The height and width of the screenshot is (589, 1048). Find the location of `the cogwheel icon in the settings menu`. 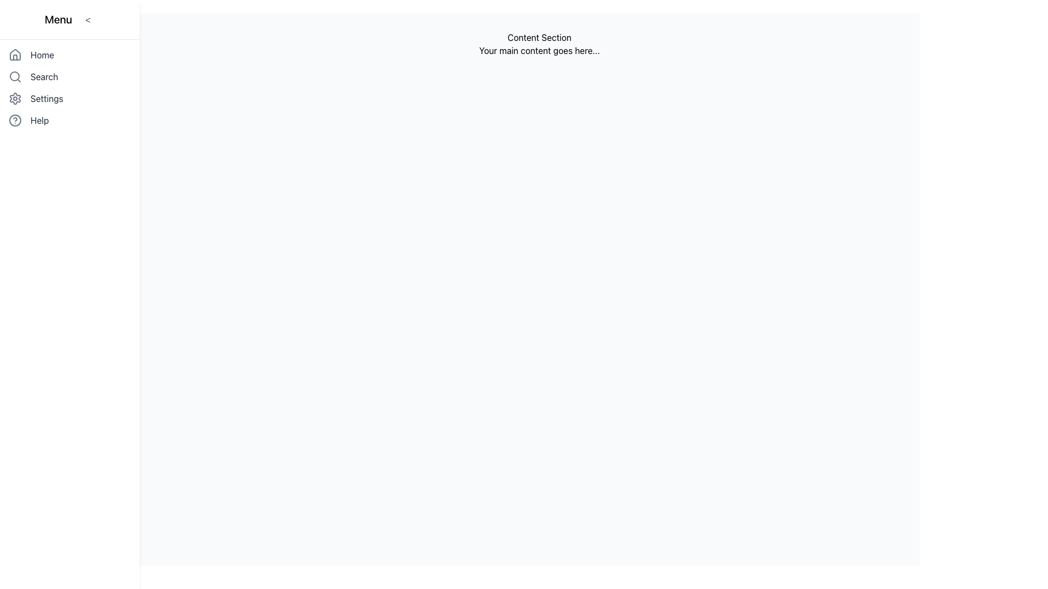

the cogwheel icon in the settings menu is located at coordinates (15, 99).